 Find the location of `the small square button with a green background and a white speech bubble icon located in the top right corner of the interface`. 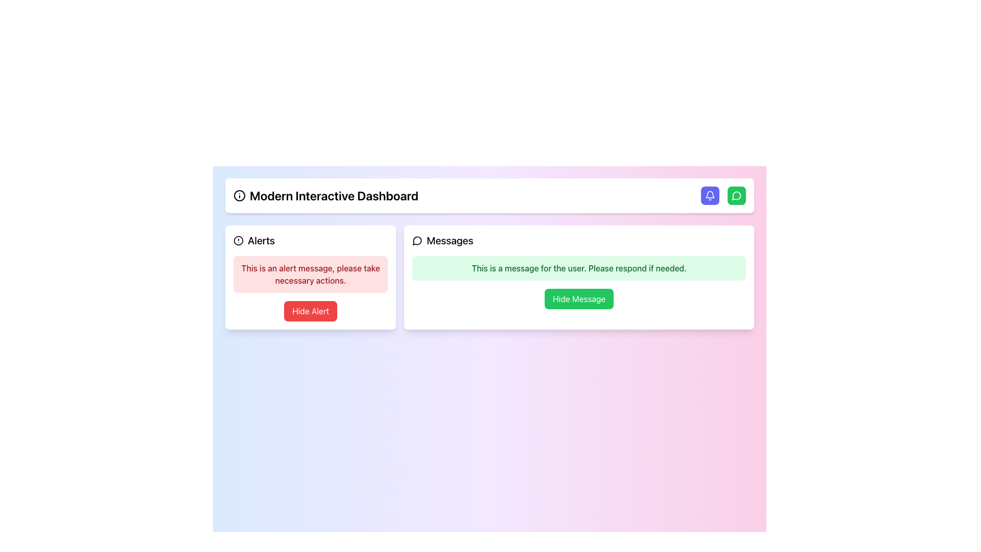

the small square button with a green background and a white speech bubble icon located in the top right corner of the interface is located at coordinates (736, 195).